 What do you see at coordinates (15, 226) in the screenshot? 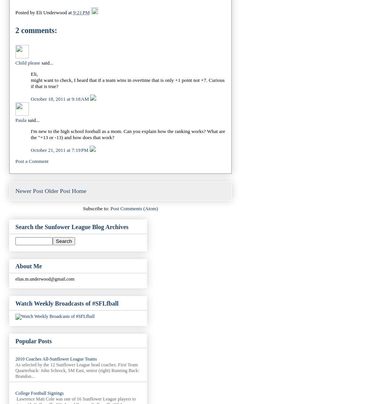
I see `'Search the Sunfower League Blog Archives'` at bounding box center [15, 226].